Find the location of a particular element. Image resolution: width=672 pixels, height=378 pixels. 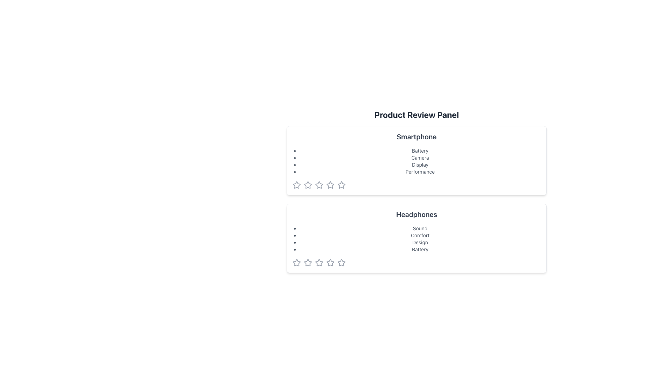

text items from the vertical list titled 'Smartphone', which includes 'Battery', 'Camera', 'Display', and 'Performance' is located at coordinates (416, 161).